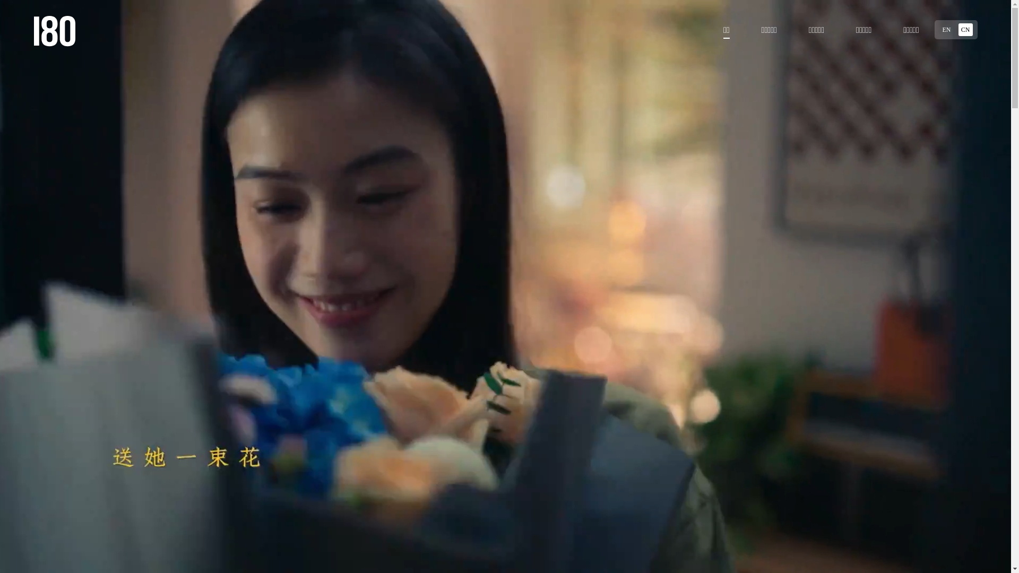 Image resolution: width=1019 pixels, height=573 pixels. What do you see at coordinates (946, 29) in the screenshot?
I see `'EN'` at bounding box center [946, 29].